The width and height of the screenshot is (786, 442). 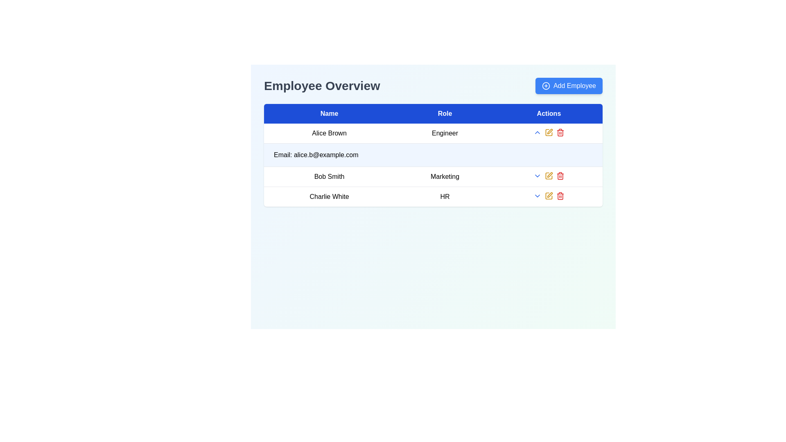 What do you see at coordinates (433, 86) in the screenshot?
I see `the Section Header with Action Button labeled 'Employee Overview' to provide context for the page` at bounding box center [433, 86].